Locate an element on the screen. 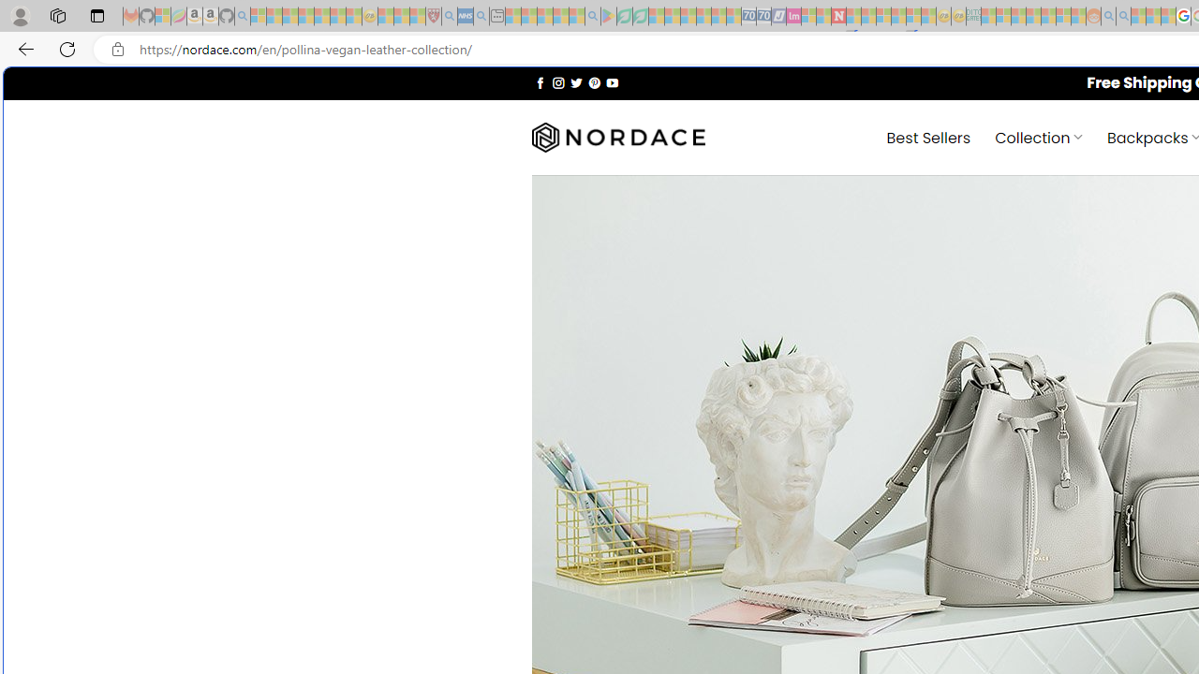  'Bluey: Let' is located at coordinates (609, 16).